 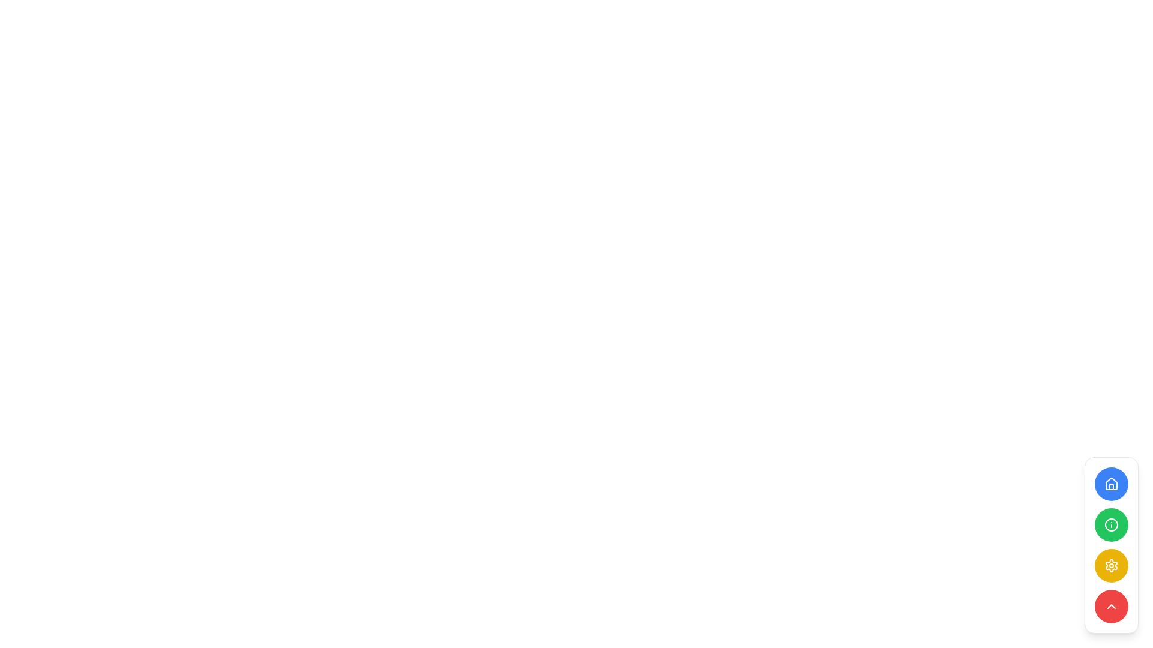 What do you see at coordinates (1111, 524) in the screenshot?
I see `the middle green button with a white circular border, which is the second button in a vertical group of three buttons` at bounding box center [1111, 524].